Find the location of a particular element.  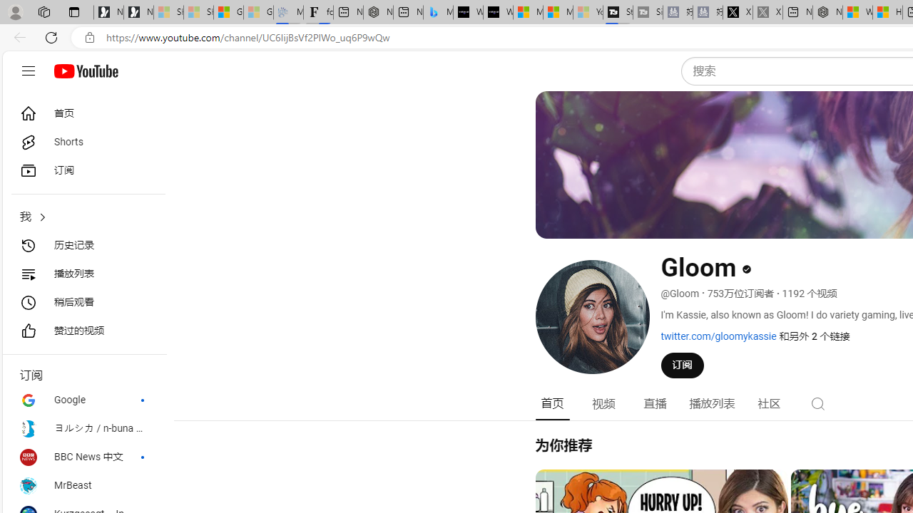

'Shorts' is located at coordinates (83, 142).